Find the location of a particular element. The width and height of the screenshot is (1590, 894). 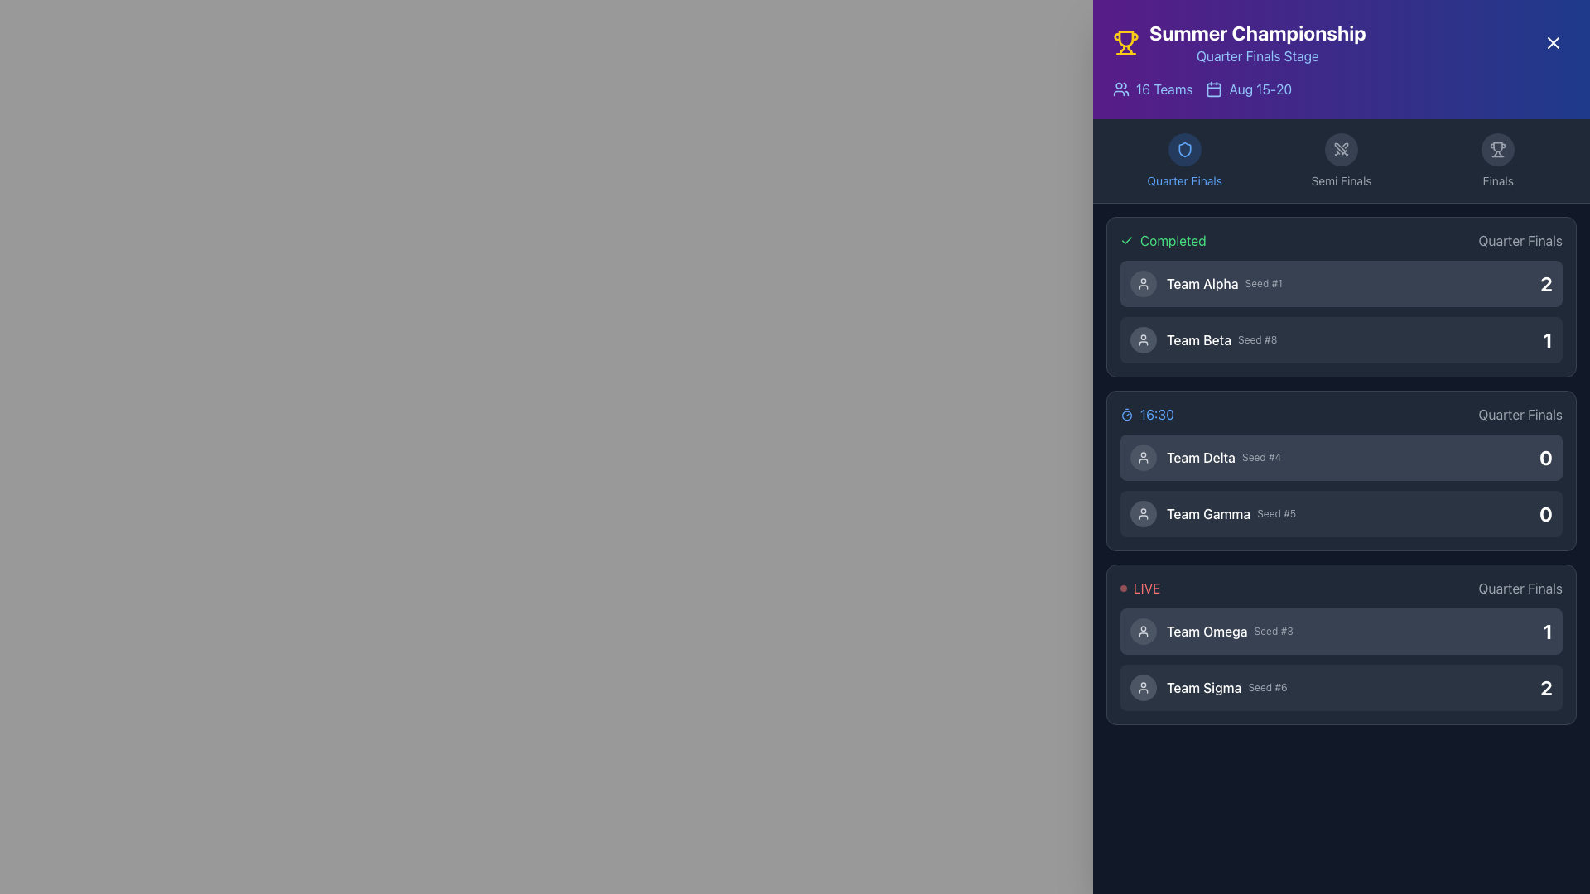

the list item displaying 'Team Omega Seed #3' in the 'LIVE' section of the Quarter Finals stage is located at coordinates (1212, 632).